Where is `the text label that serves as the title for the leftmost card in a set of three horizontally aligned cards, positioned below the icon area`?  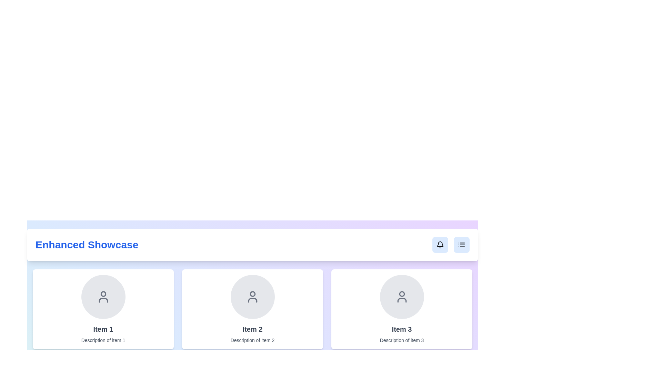 the text label that serves as the title for the leftmost card in a set of three horizontally aligned cards, positioned below the icon area is located at coordinates (103, 329).